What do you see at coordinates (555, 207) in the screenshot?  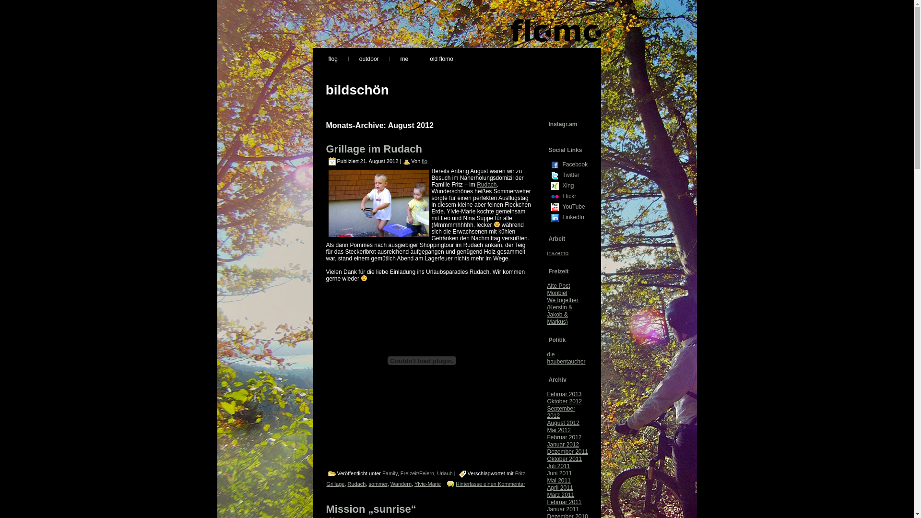 I see `'YouTube'` at bounding box center [555, 207].